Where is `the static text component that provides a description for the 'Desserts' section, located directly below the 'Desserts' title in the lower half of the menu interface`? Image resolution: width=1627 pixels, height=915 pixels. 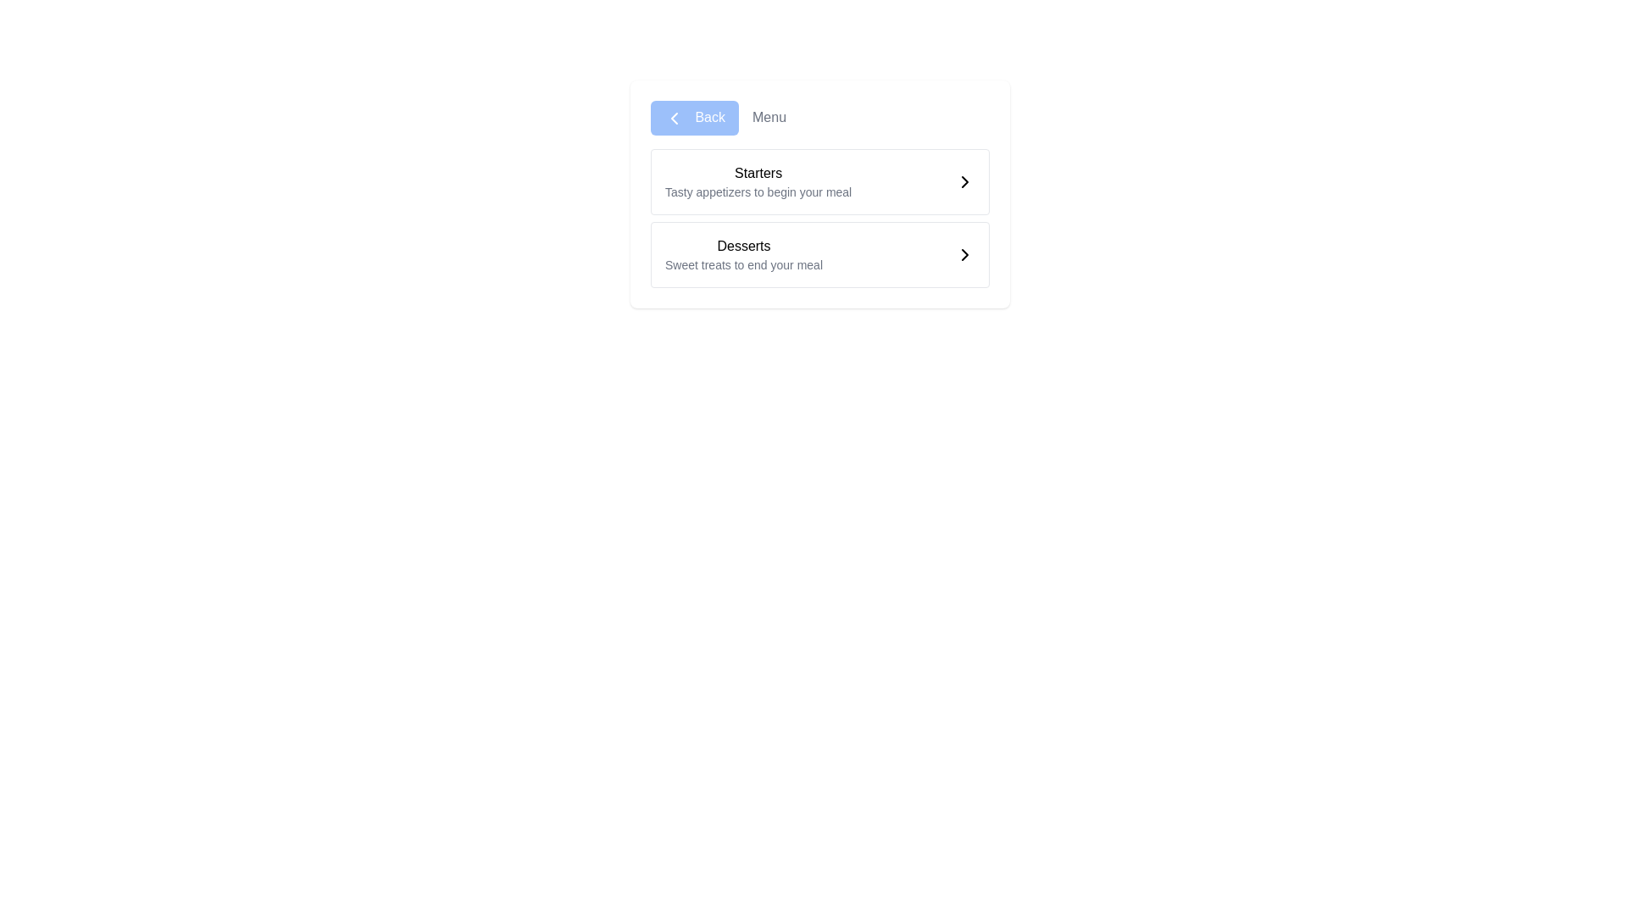
the static text component that provides a description for the 'Desserts' section, located directly below the 'Desserts' title in the lower half of the menu interface is located at coordinates (744, 264).